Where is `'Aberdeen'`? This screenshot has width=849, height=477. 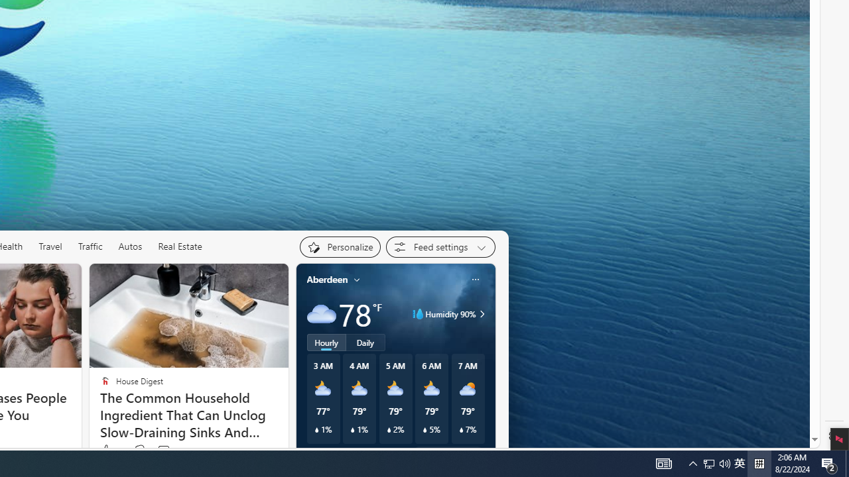
'Aberdeen' is located at coordinates (327, 279).